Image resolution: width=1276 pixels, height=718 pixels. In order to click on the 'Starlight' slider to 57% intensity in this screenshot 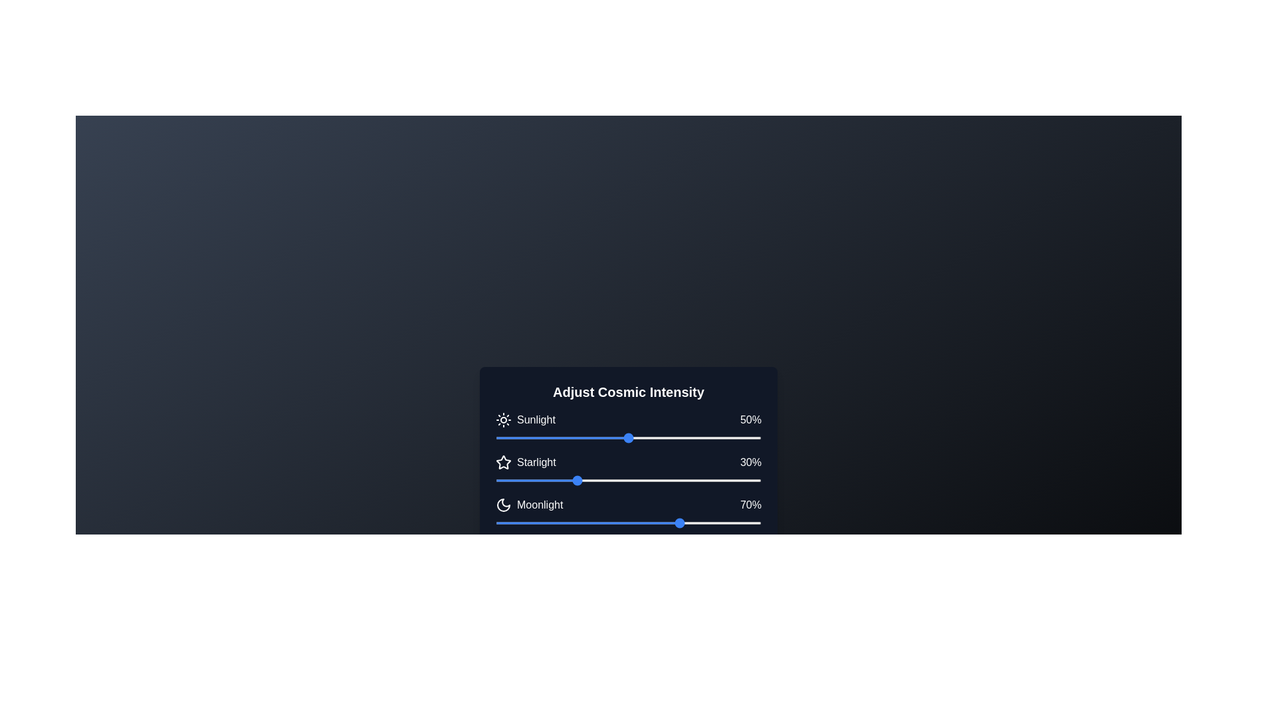, I will do `click(647, 480)`.